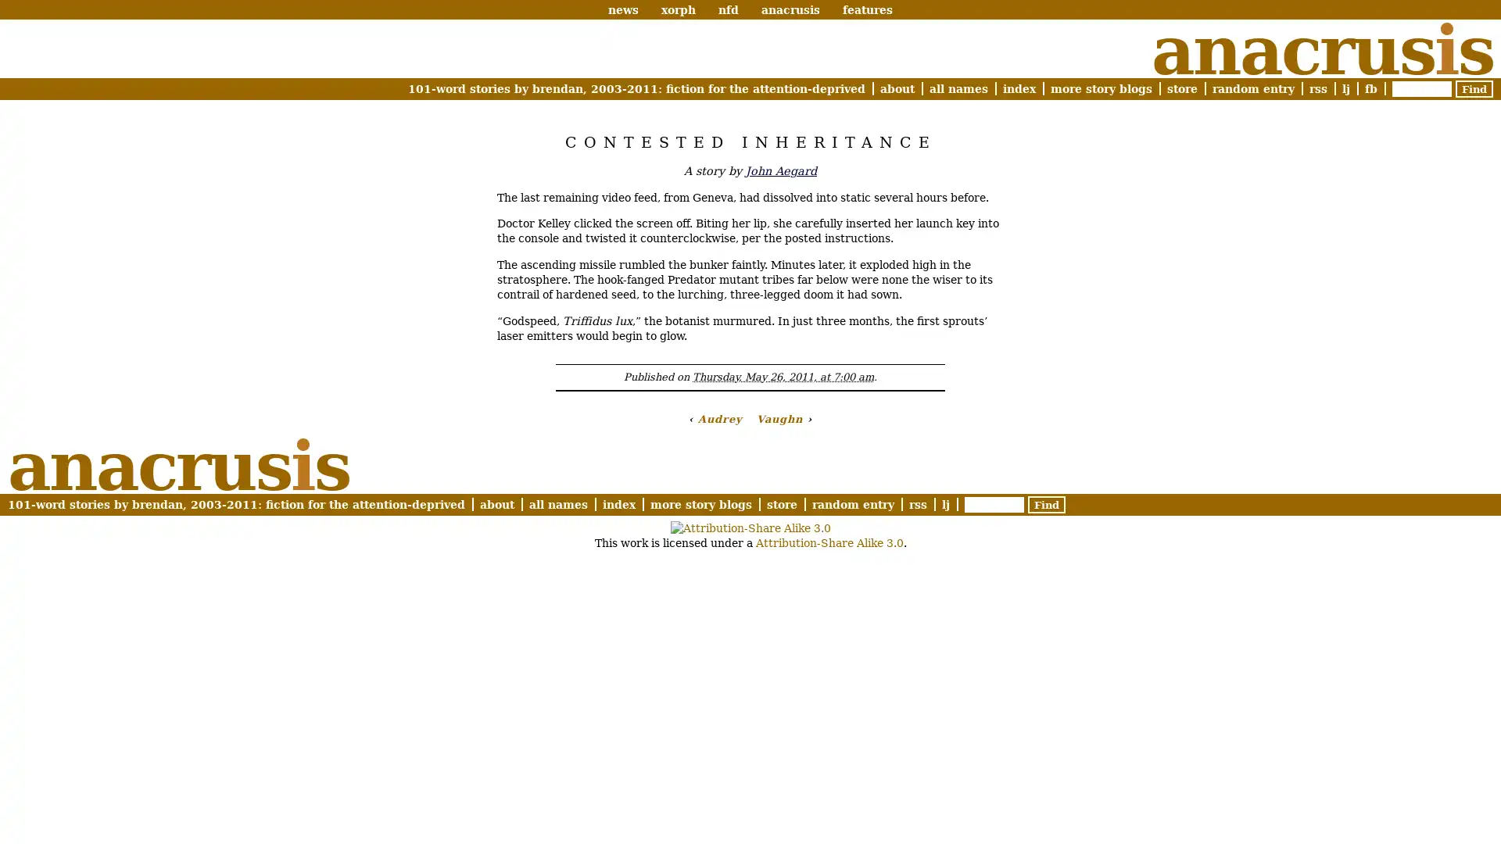 The width and height of the screenshot is (1501, 844). What do you see at coordinates (1474, 89) in the screenshot?
I see `Find` at bounding box center [1474, 89].